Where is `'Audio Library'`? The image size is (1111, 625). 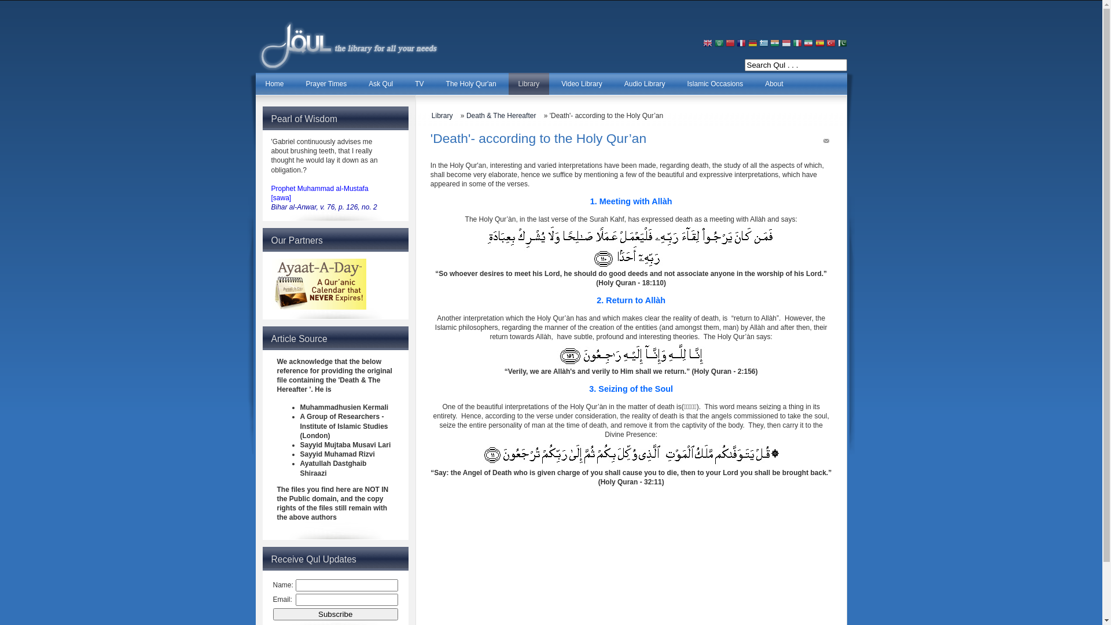 'Audio Library' is located at coordinates (644, 83).